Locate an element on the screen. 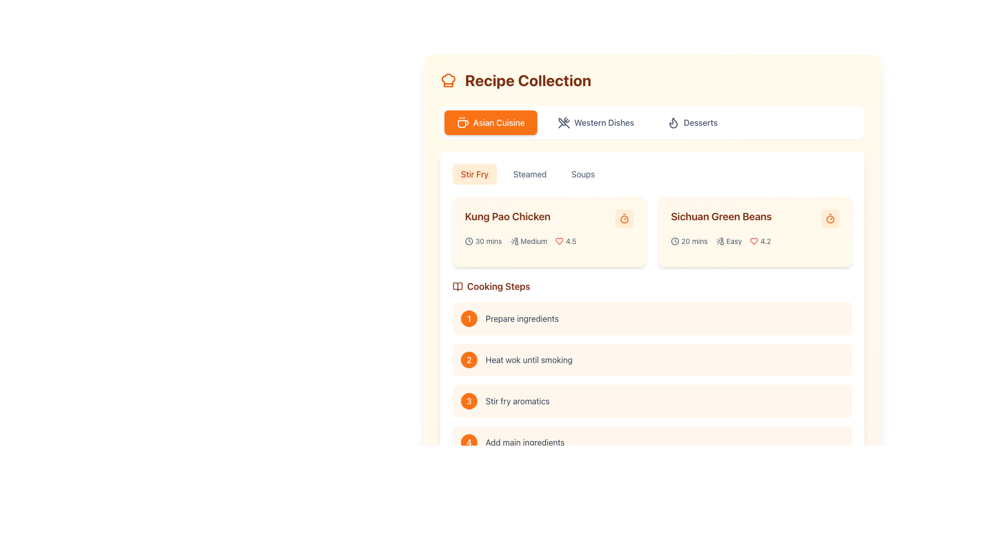 The image size is (991, 557). the static text label displaying 'Add main ingredients' within a light orange background, part of the steps section, indicating the fourth step is located at coordinates (525, 441).